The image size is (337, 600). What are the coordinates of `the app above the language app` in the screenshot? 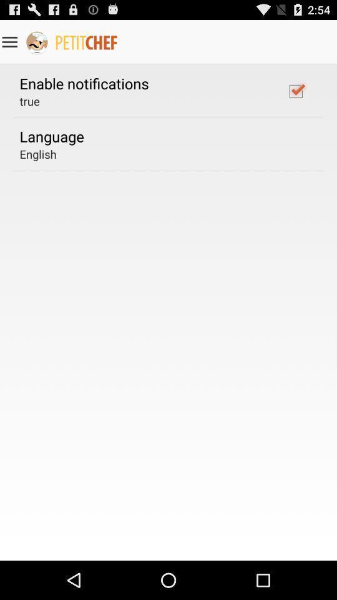 It's located at (29, 100).